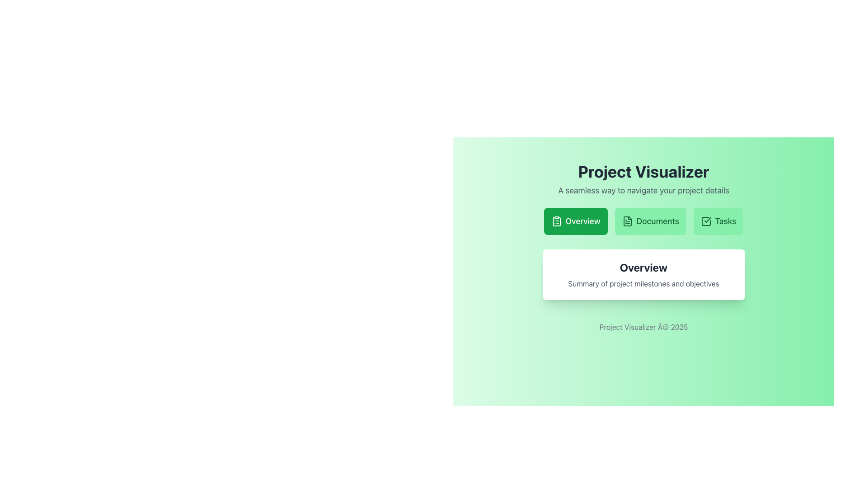  Describe the element at coordinates (643, 267) in the screenshot. I see `the static text element that serves as the heading for the section, located on a light green background, positioned slightly below the header information` at that location.